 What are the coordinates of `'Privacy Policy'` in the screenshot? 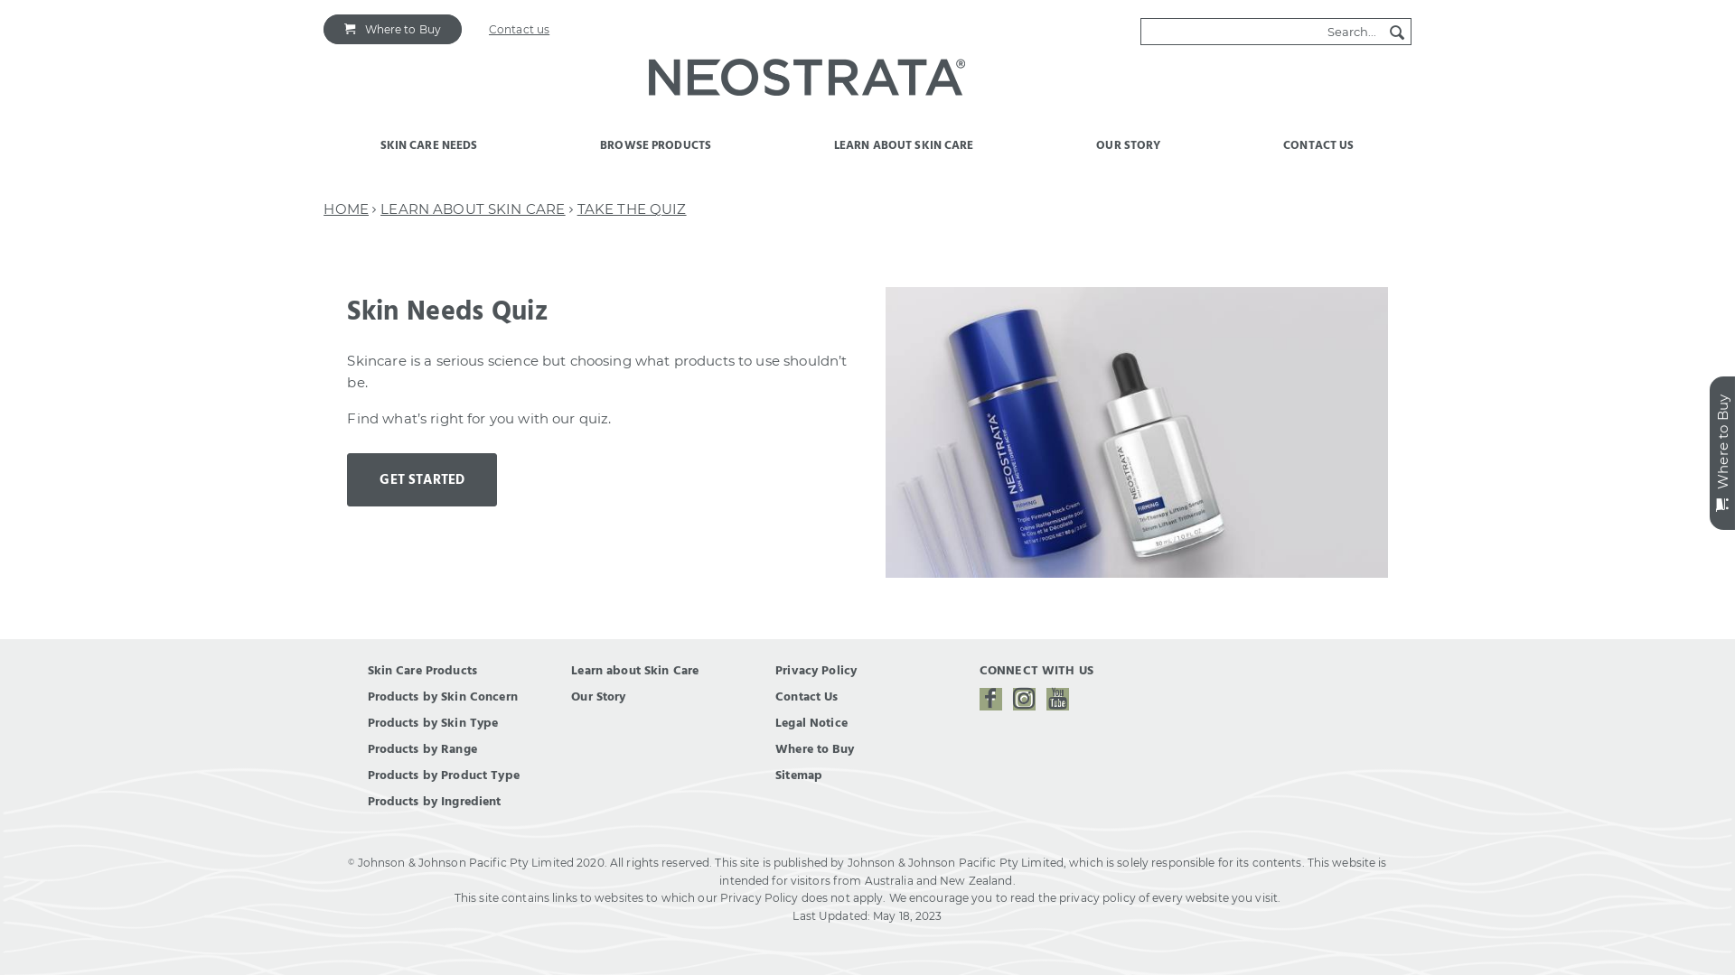 It's located at (775, 671).